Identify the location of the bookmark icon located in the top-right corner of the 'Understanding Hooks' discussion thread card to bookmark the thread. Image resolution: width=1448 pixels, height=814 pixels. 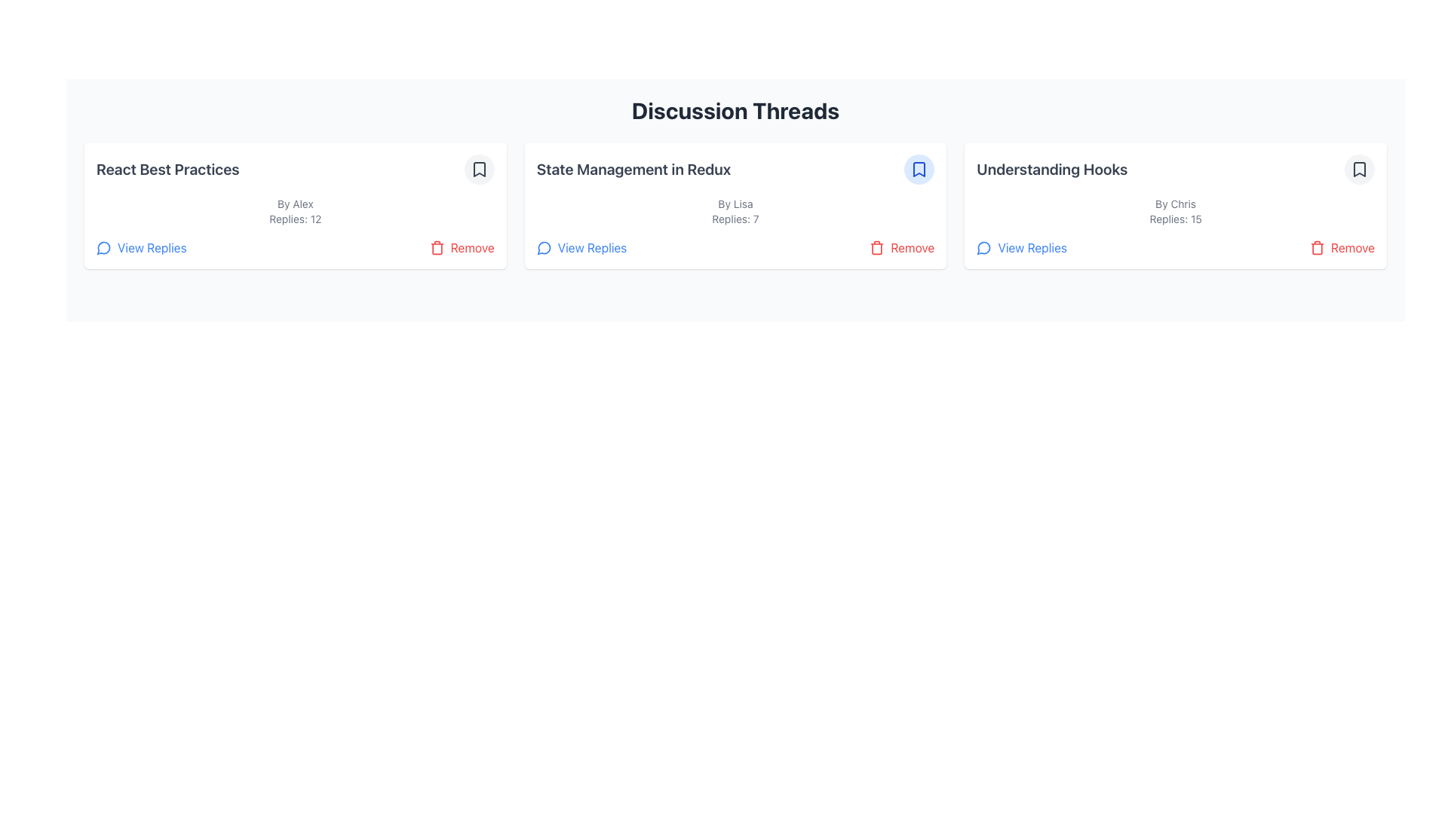
(1360, 169).